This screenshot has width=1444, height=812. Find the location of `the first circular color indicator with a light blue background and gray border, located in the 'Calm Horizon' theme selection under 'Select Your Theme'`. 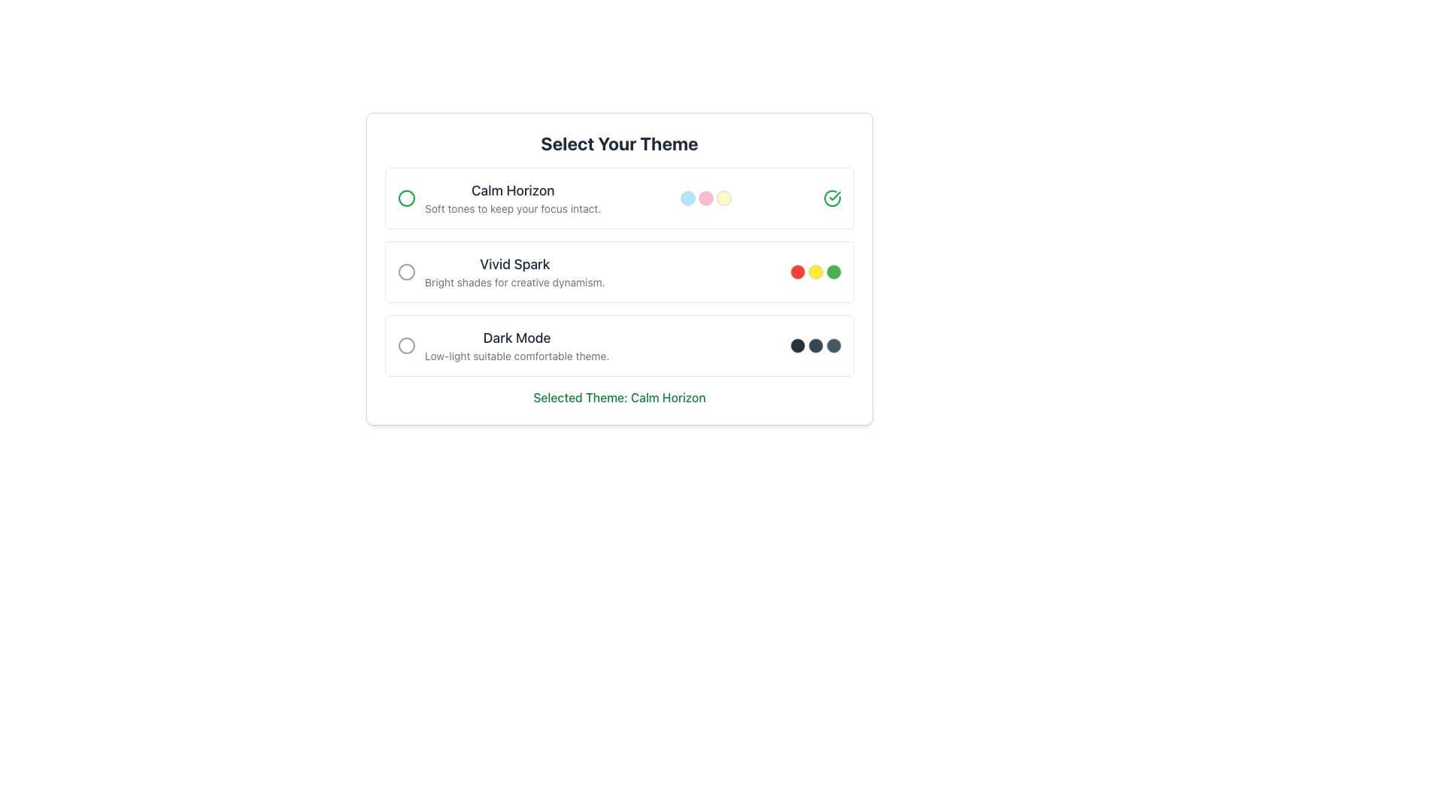

the first circular color indicator with a light blue background and gray border, located in the 'Calm Horizon' theme selection under 'Select Your Theme' is located at coordinates (687, 197).